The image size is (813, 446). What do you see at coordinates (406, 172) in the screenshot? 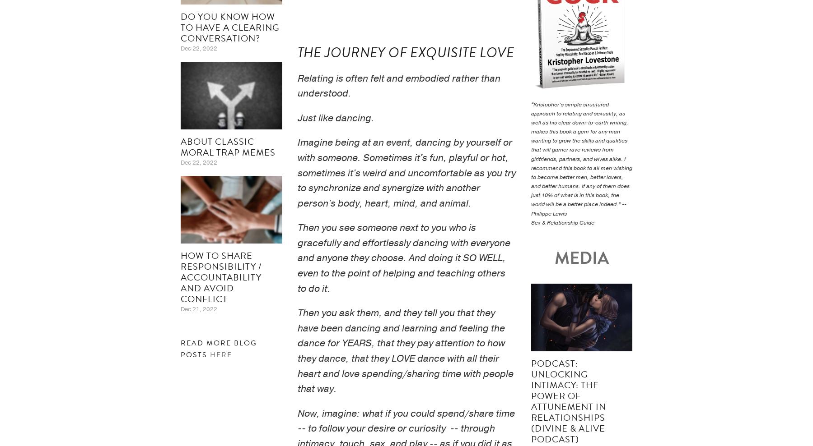
I see `'Imagine being at an event, dancing by yourself or with someone. Sometimes it's fun, playful or hot, sometimes it's weird and uncomfortable as you try to synchronize and synergize with another person's body, heart, mind, and animal.'` at bounding box center [406, 172].